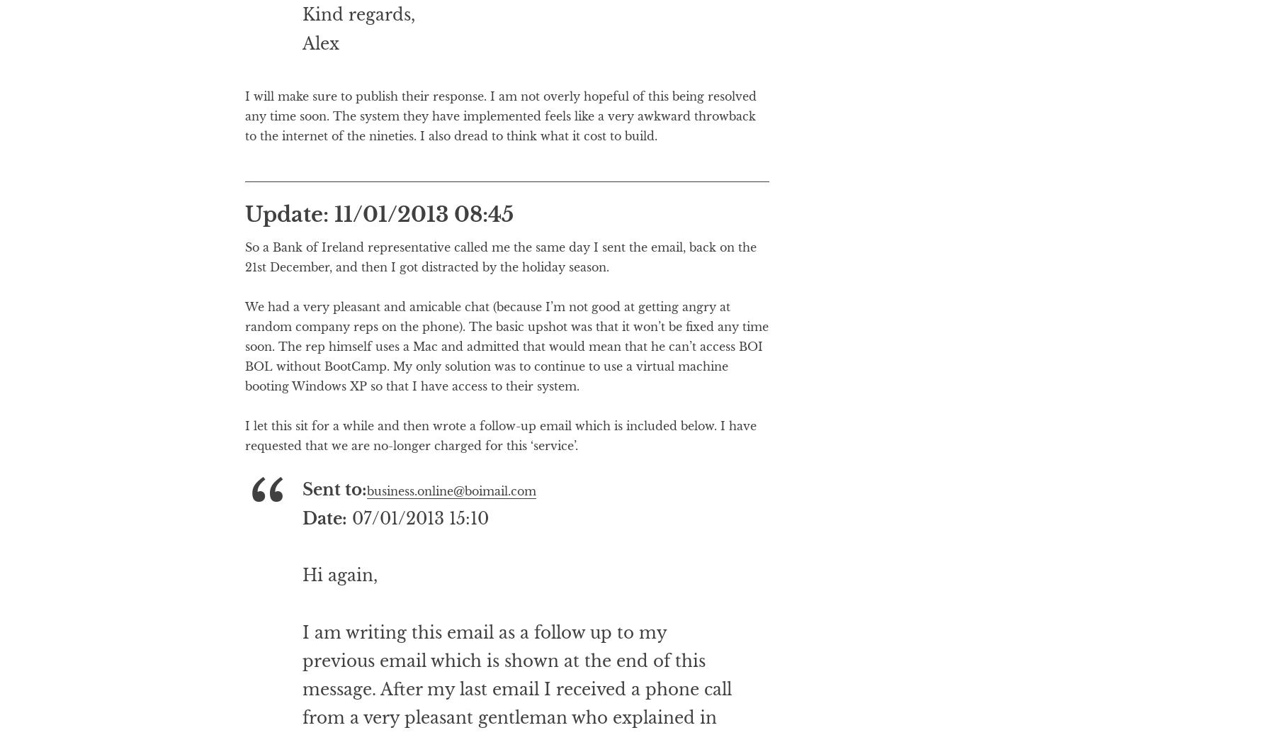 This screenshot has width=1261, height=735. What do you see at coordinates (245, 270) in the screenshot?
I see `'Update: 11/01/2013 08:45'` at bounding box center [245, 270].